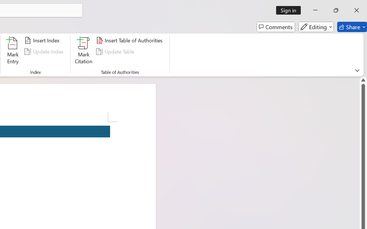 This screenshot has width=367, height=229. Describe the element at coordinates (116, 51) in the screenshot. I see `'Update Table'` at that location.